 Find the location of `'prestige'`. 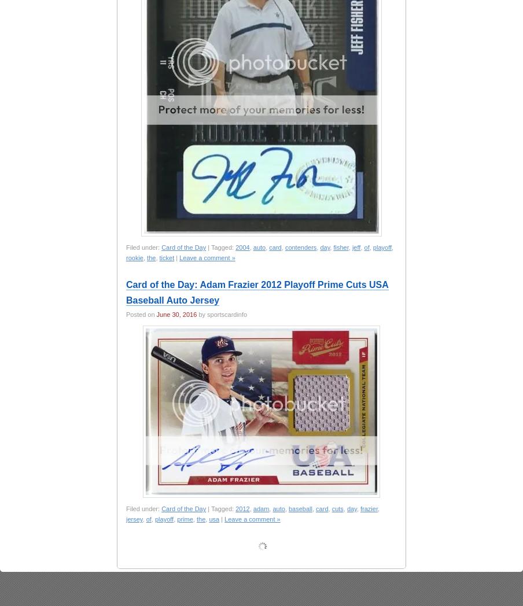

'prestige' is located at coordinates (336, 587).